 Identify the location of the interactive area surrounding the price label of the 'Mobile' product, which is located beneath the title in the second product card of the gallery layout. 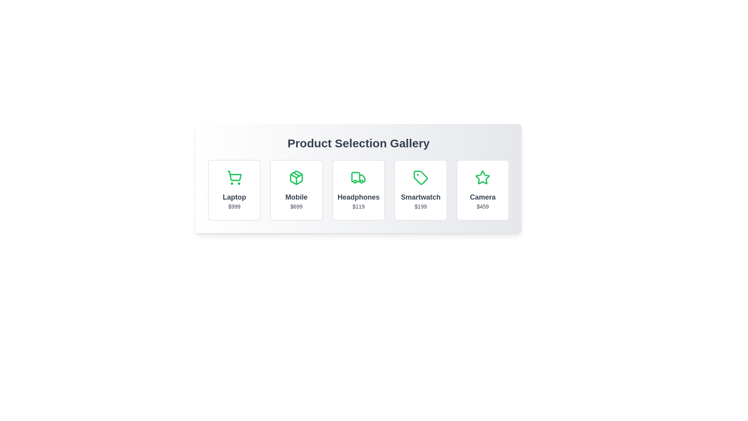
(296, 206).